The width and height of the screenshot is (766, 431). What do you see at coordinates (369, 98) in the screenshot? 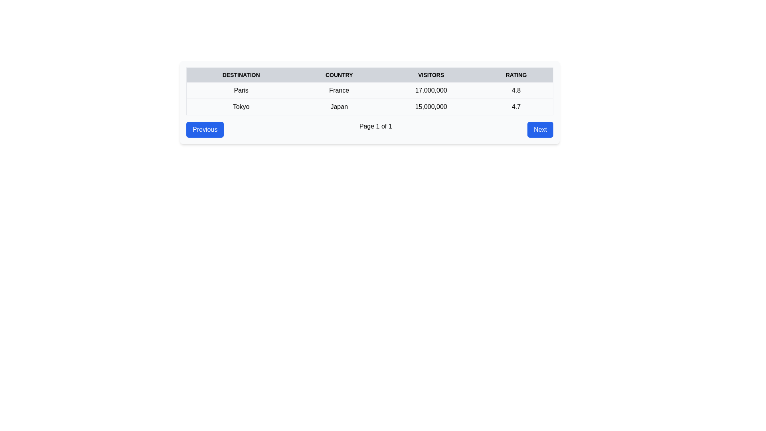
I see `the table rows displaying destinations such as 'Paris, France' and 'Tokyo, Japan', which are located in the lower two rows of the table` at bounding box center [369, 98].